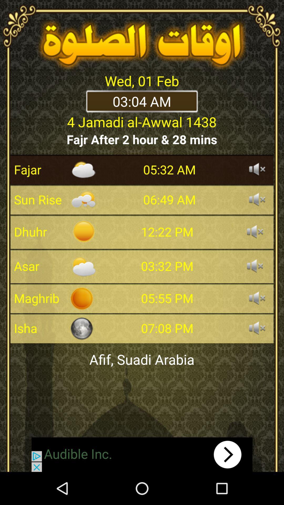 The height and width of the screenshot is (505, 284). I want to click on mute/unmute option, so click(255, 231).